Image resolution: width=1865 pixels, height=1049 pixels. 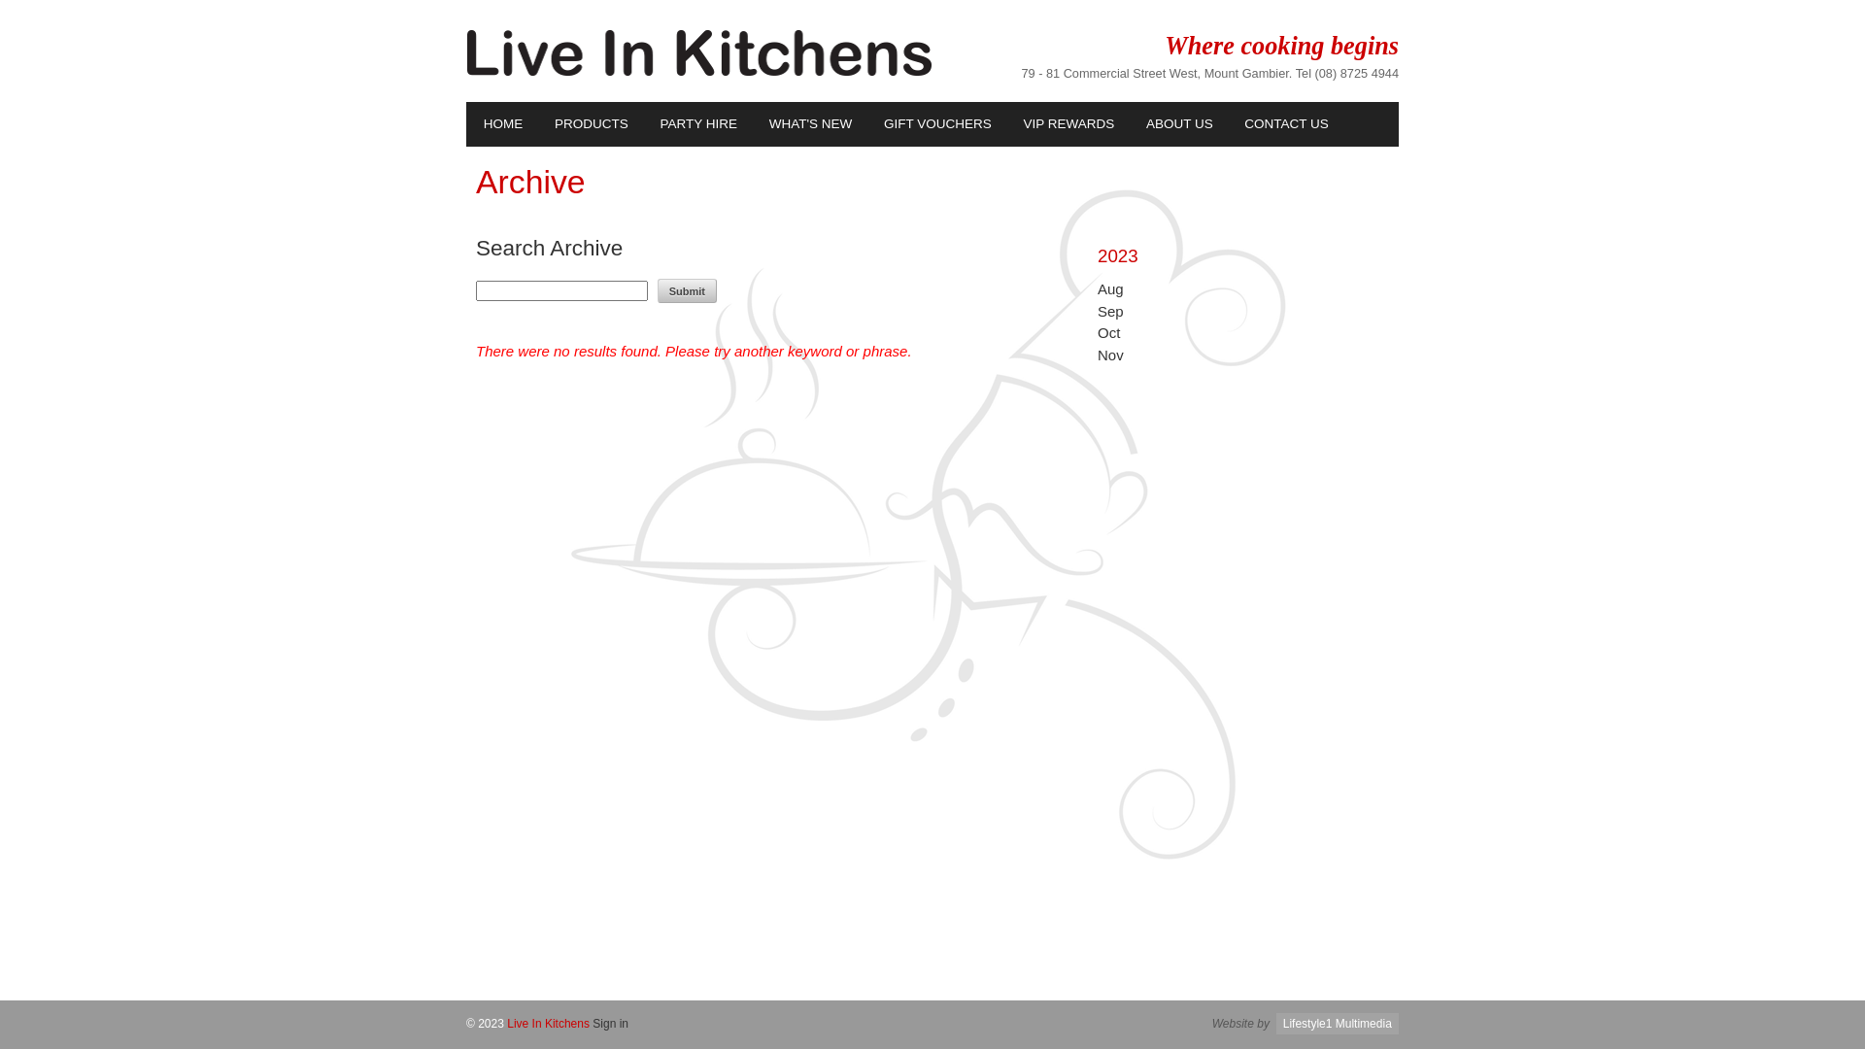 I want to click on 'Nov', so click(x=1110, y=355).